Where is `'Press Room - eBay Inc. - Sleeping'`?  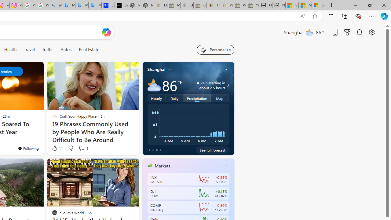 'Press Room - eBay Inc. - Sleeping' is located at coordinates (239, 5).